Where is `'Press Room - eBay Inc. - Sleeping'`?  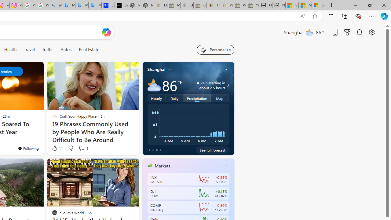 'Press Room - eBay Inc. - Sleeping' is located at coordinates (239, 5).